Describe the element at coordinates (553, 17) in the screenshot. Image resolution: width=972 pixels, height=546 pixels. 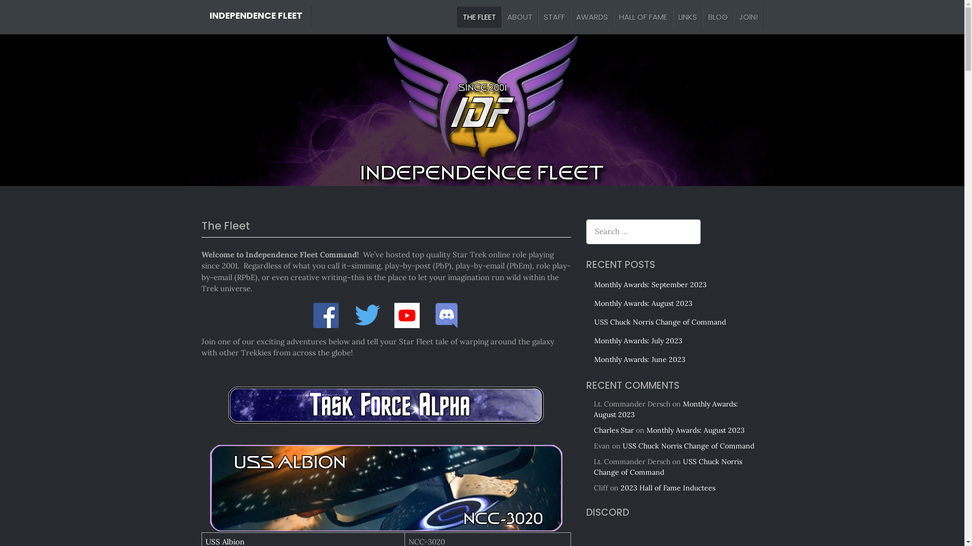
I see `'STAFF'` at that location.